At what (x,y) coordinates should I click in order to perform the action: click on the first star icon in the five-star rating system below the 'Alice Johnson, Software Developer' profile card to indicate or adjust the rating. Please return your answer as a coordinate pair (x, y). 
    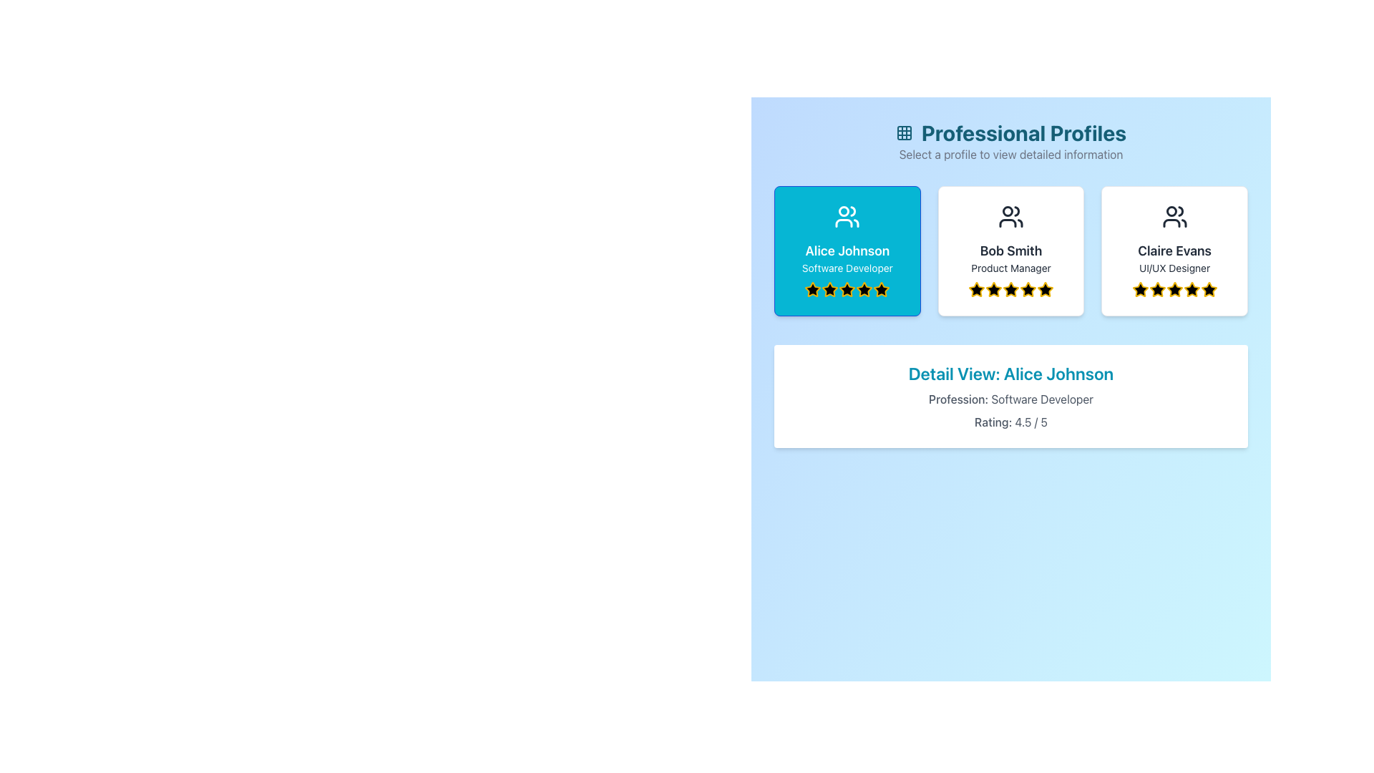
    Looking at the image, I should click on (813, 289).